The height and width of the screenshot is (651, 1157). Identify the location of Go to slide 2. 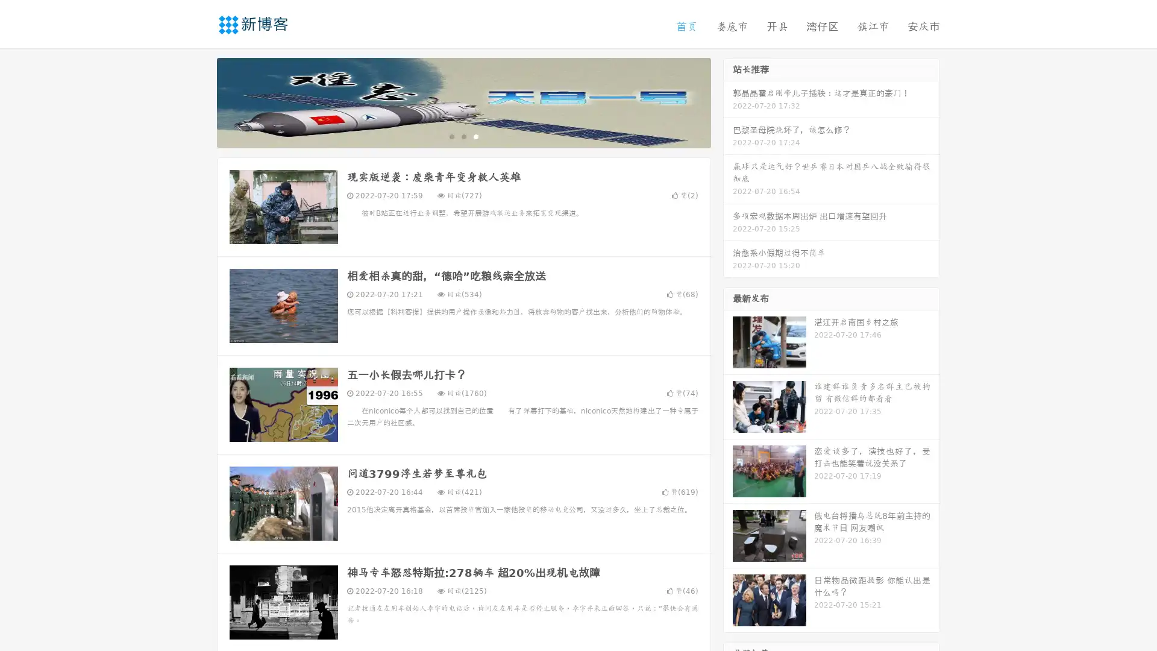
(463, 136).